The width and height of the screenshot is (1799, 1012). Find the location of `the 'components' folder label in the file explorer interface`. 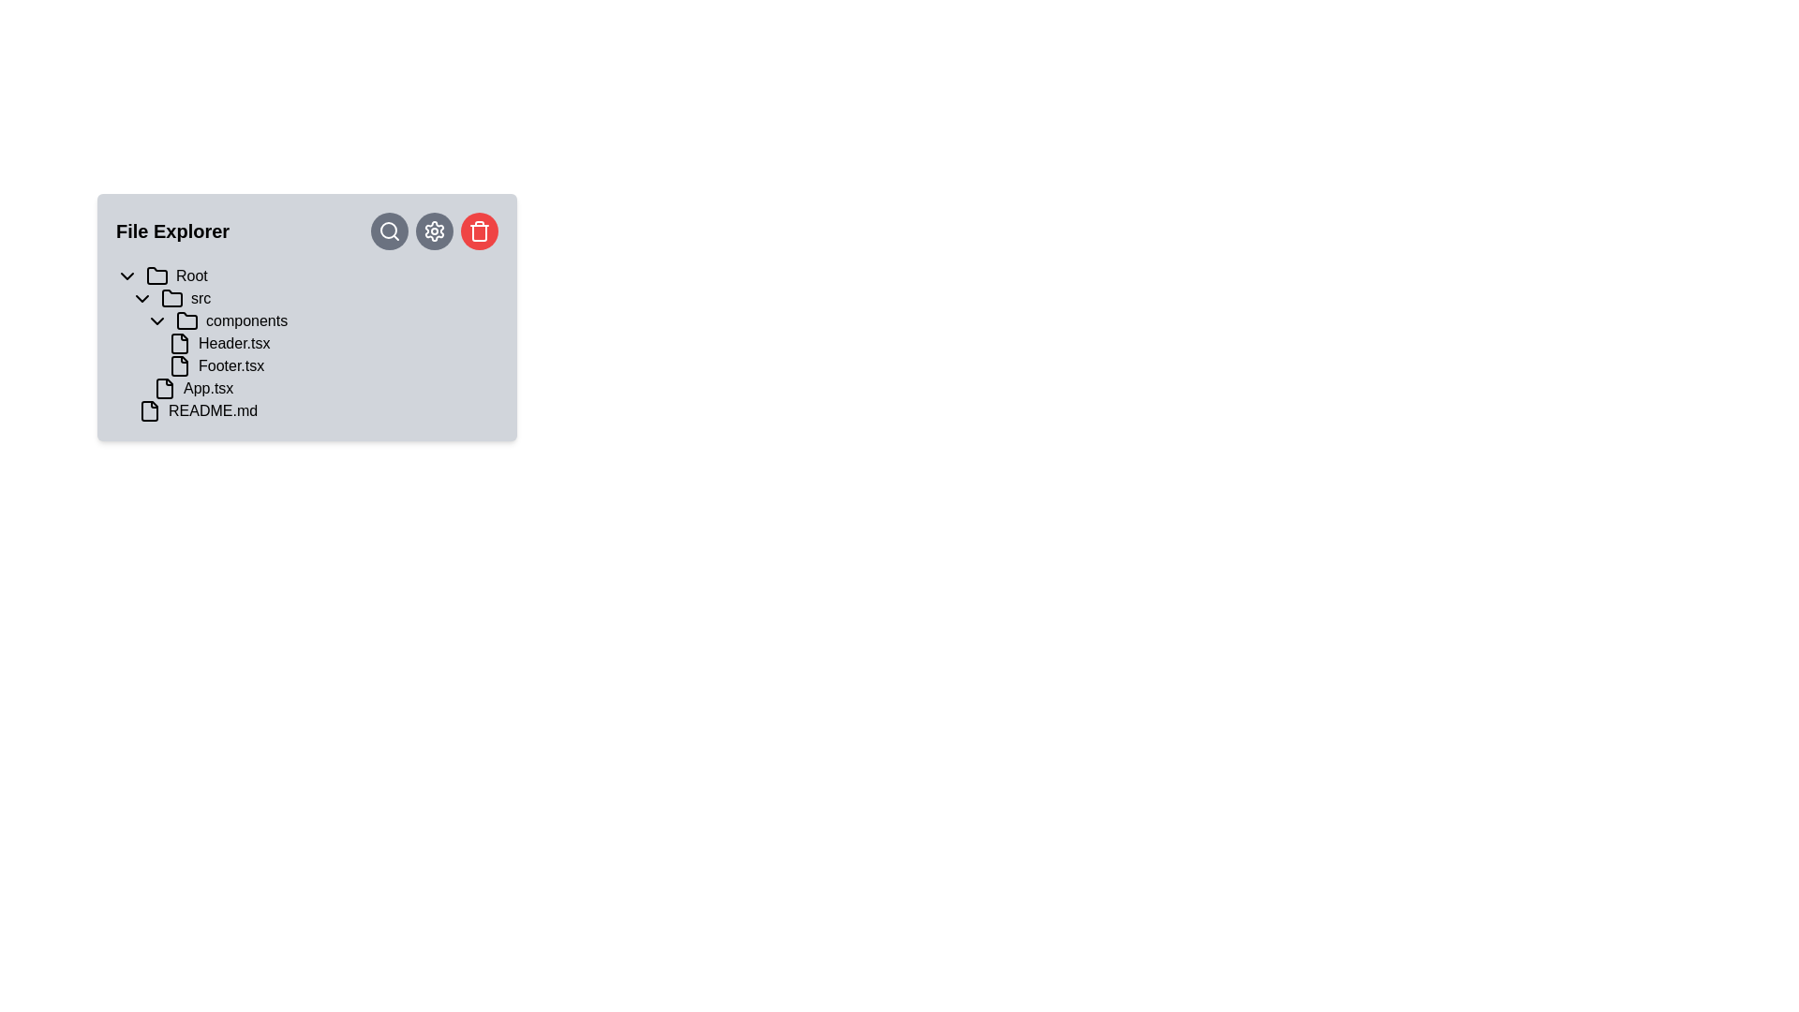

the 'components' folder label in the file explorer interface is located at coordinates (245, 320).